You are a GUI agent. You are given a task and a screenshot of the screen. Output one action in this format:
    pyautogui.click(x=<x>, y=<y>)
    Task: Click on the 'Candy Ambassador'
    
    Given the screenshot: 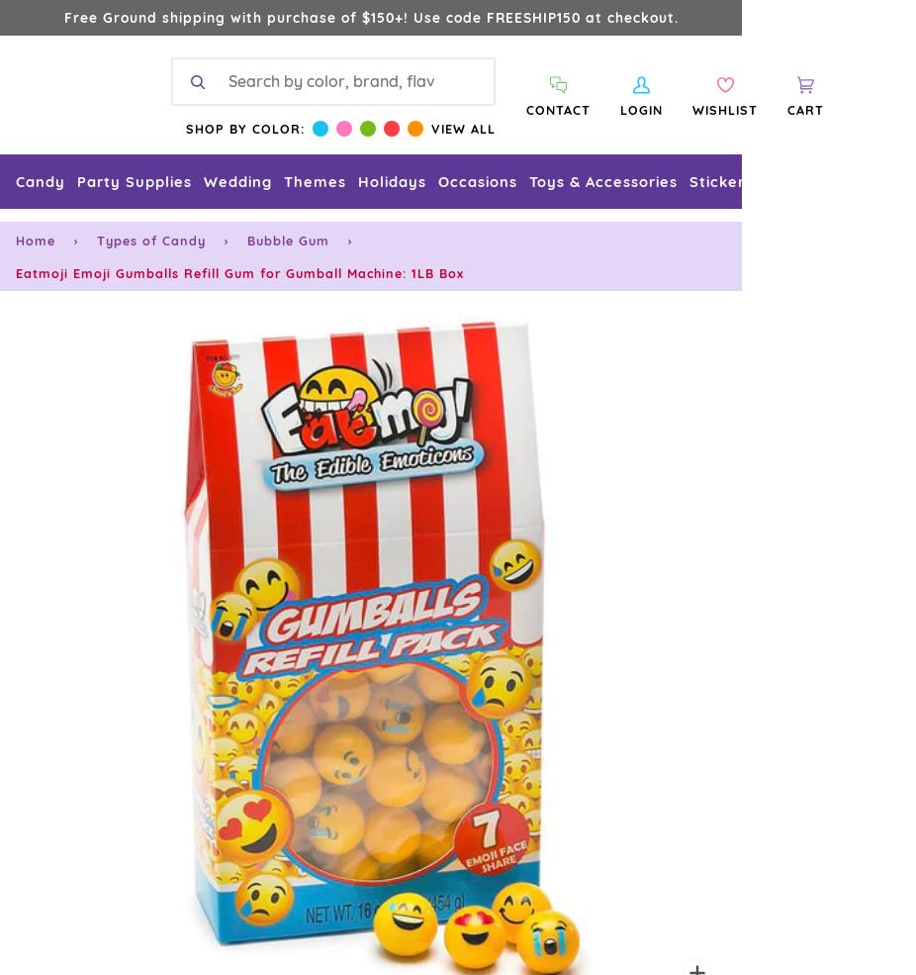 What is the action you would take?
    pyautogui.click(x=80, y=571)
    